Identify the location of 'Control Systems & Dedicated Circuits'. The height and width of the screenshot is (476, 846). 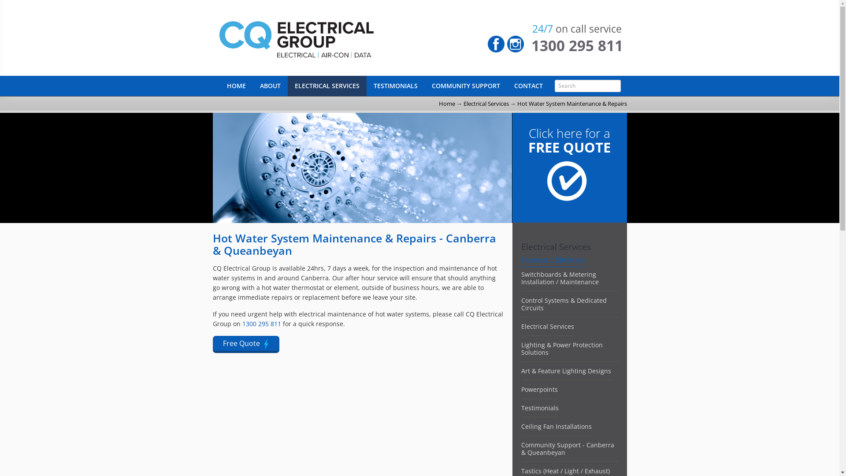
(563, 304).